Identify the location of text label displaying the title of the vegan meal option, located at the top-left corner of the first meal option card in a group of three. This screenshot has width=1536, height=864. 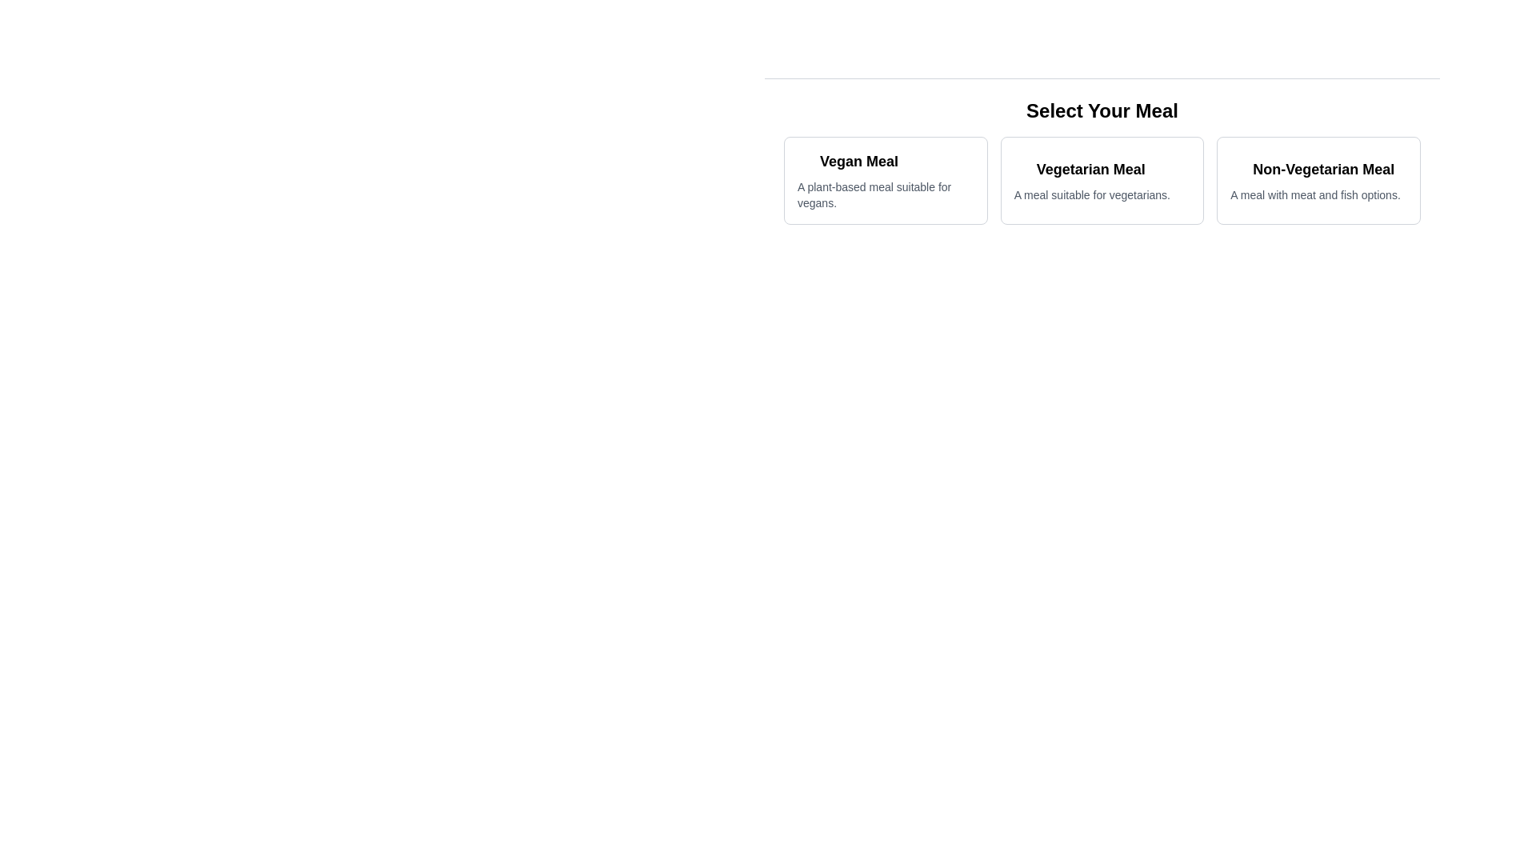
(858, 161).